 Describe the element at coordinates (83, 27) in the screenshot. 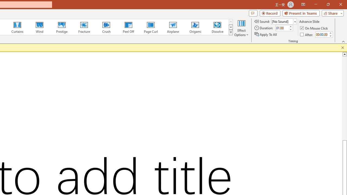

I see `'Fracture'` at that location.